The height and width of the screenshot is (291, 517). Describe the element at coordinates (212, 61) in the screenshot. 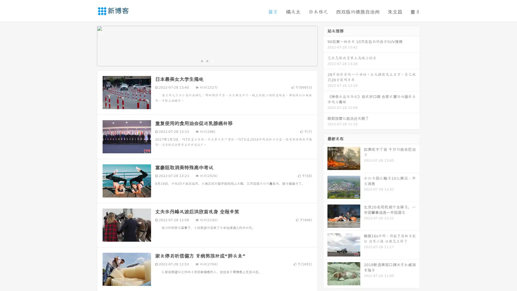

I see `Go to slide 3` at that location.